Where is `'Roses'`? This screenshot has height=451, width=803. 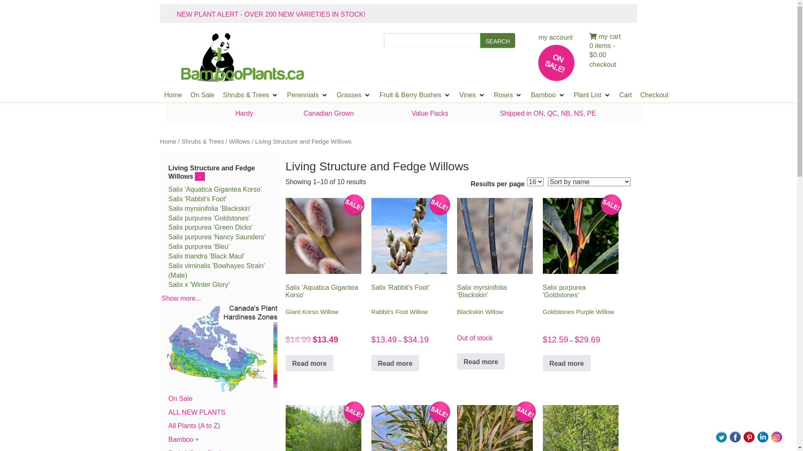
'Roses' is located at coordinates (503, 95).